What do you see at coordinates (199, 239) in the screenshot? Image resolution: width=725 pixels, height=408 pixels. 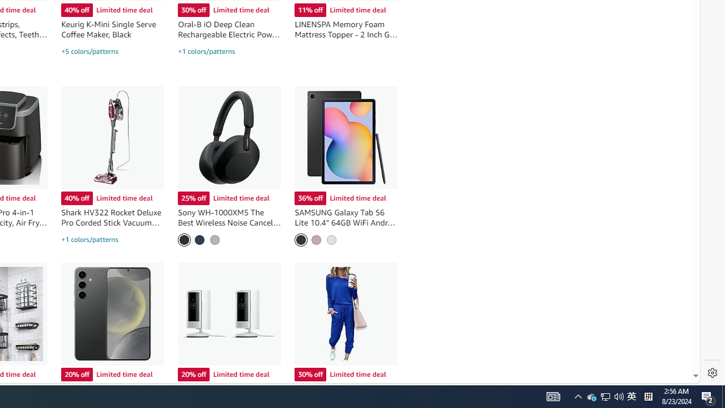 I see `'Midnight Blue'` at bounding box center [199, 239].